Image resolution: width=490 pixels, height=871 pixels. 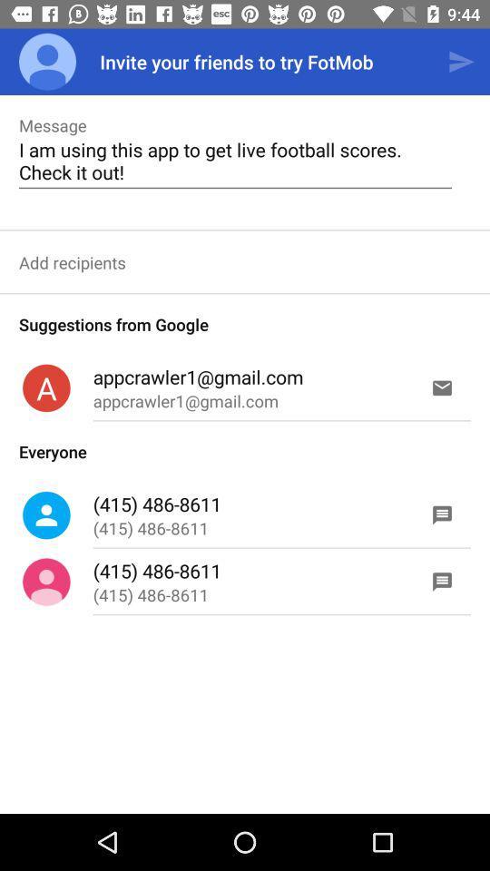 I want to click on the item above i am using icon, so click(x=461, y=62).